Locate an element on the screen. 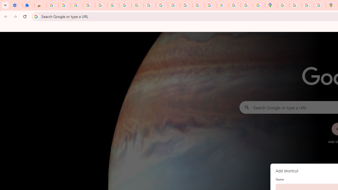 This screenshot has height=190, width=338. 'Google Maps' is located at coordinates (271, 5).